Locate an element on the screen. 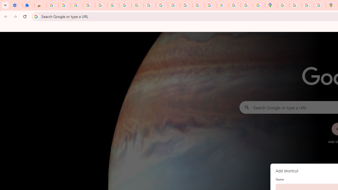 This screenshot has height=190, width=338. 'Google Maps' is located at coordinates (271, 5).